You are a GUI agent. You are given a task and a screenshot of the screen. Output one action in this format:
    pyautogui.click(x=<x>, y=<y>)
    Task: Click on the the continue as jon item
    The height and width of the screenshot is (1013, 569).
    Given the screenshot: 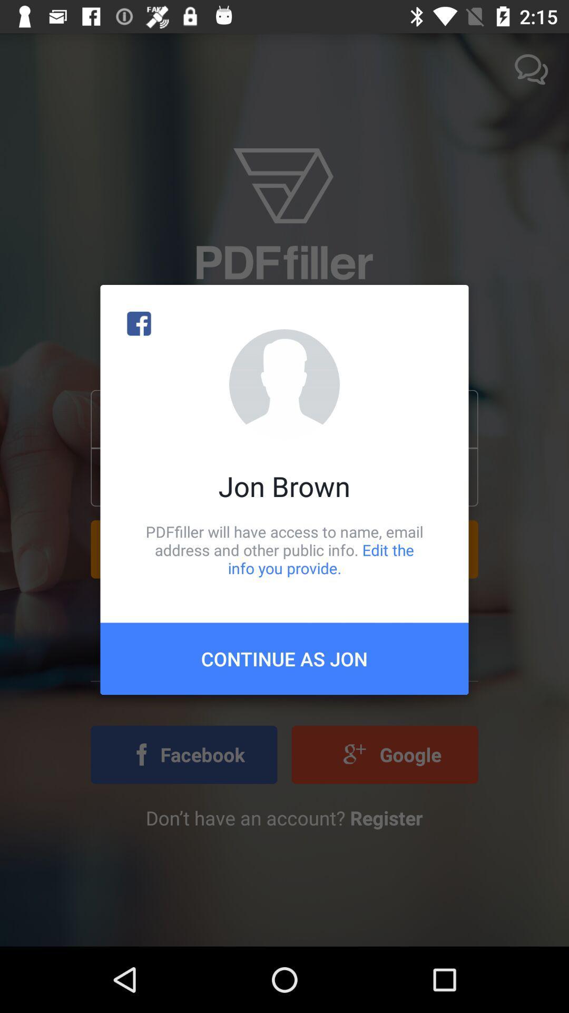 What is the action you would take?
    pyautogui.click(x=284, y=658)
    